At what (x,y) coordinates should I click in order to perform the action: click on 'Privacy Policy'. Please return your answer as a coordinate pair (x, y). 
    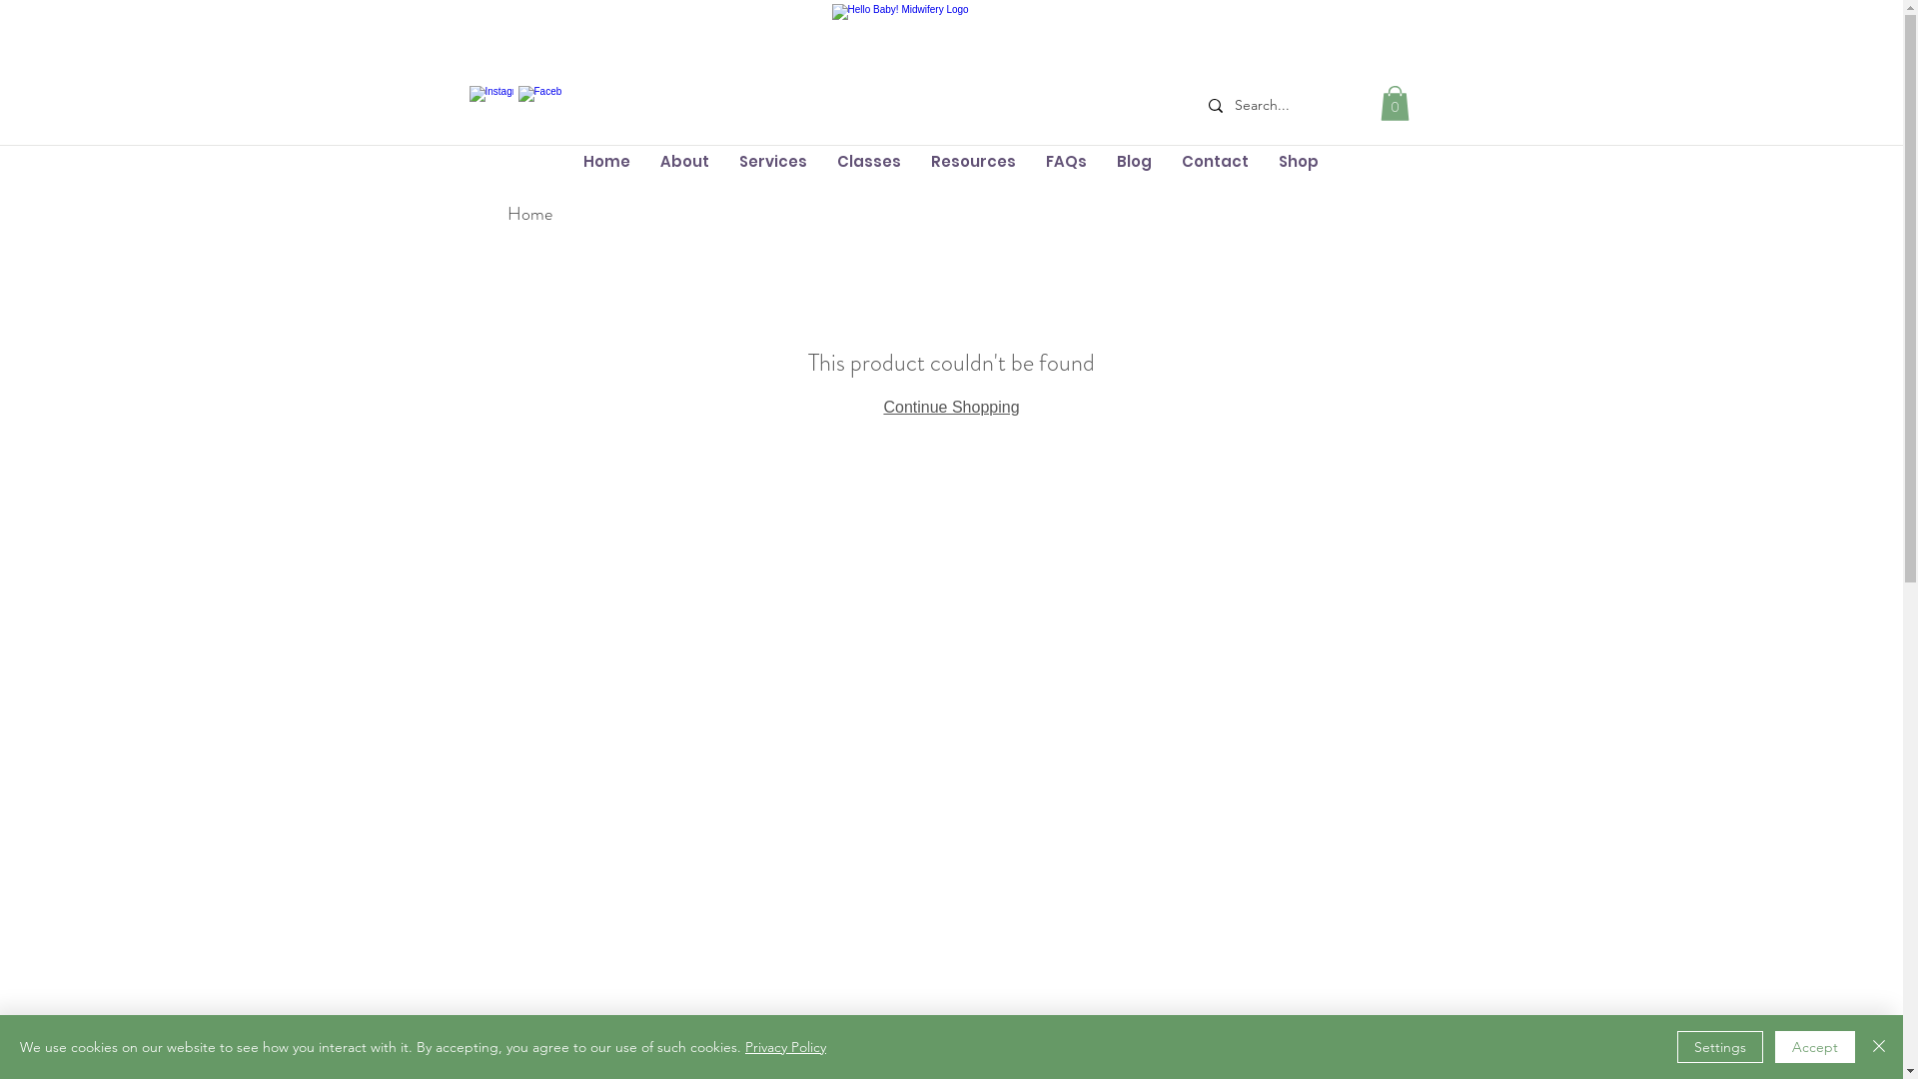
    Looking at the image, I should click on (784, 1046).